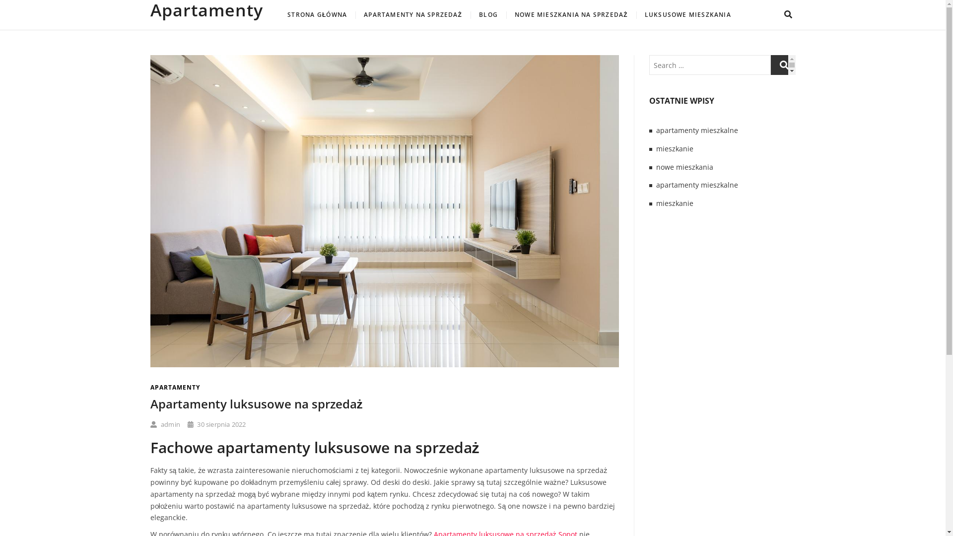 This screenshot has width=953, height=536. I want to click on 'mieszkanie', so click(675, 148).